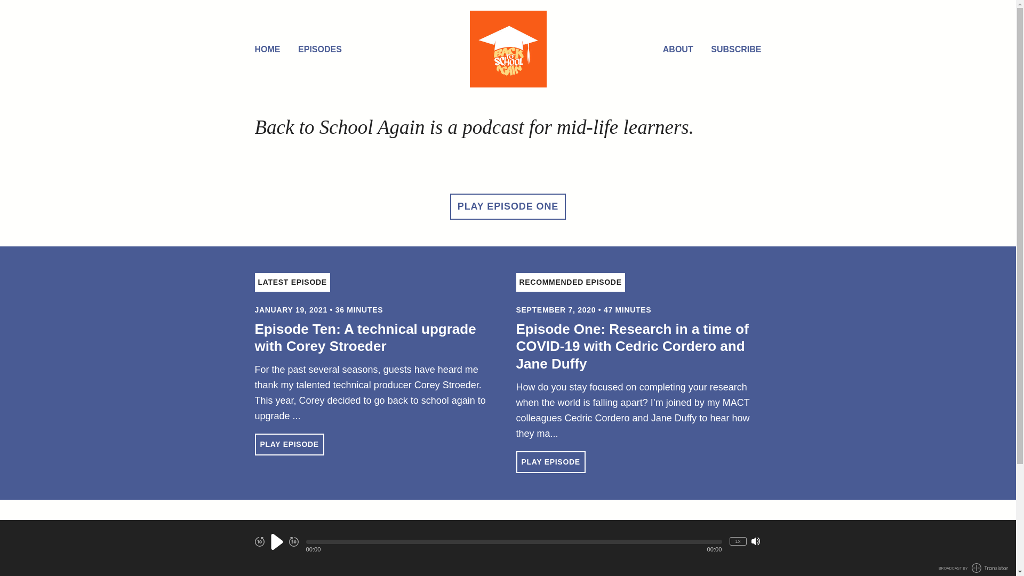 This screenshot has width=1024, height=576. What do you see at coordinates (289, 444) in the screenshot?
I see `'PLAY EPISODE'` at bounding box center [289, 444].